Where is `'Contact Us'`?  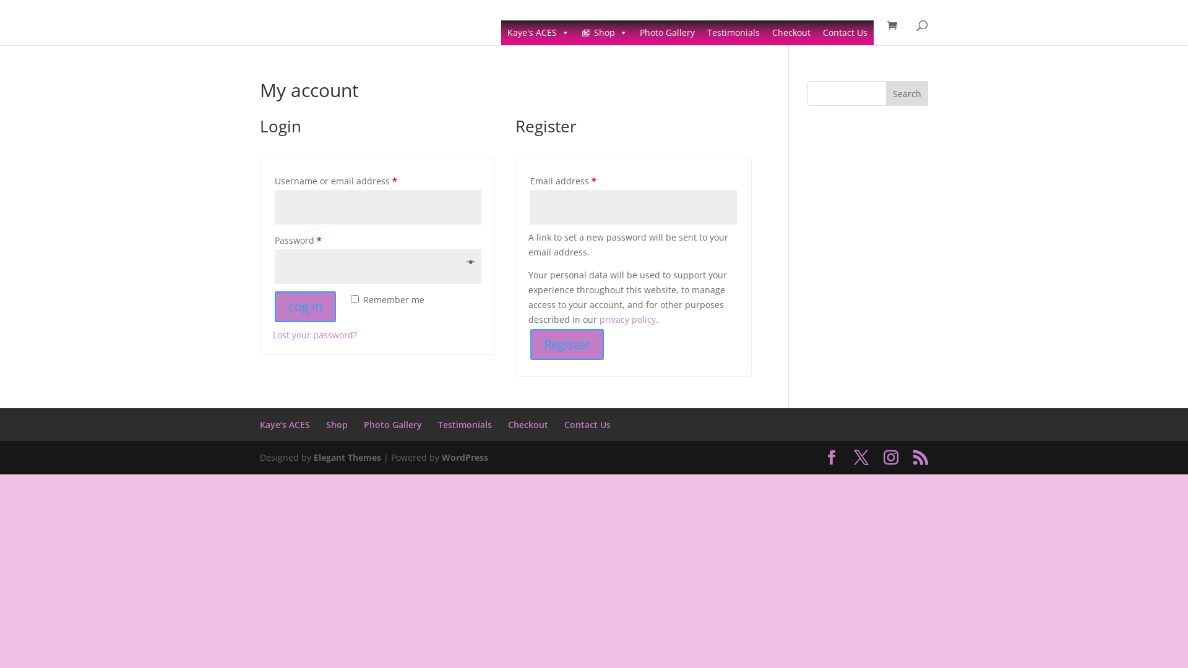 'Contact Us' is located at coordinates (845, 32).